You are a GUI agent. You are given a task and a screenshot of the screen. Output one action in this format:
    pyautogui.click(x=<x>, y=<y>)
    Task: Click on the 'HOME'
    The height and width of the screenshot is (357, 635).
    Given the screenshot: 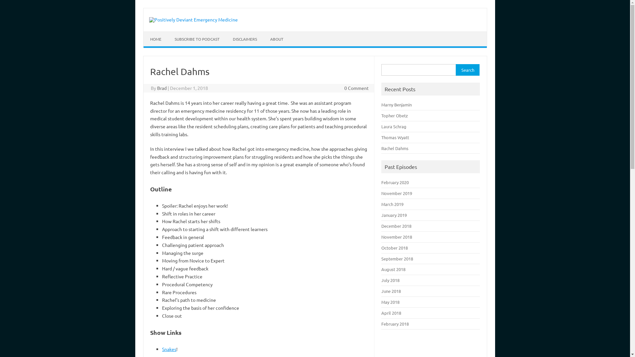 What is the action you would take?
    pyautogui.click(x=155, y=39)
    